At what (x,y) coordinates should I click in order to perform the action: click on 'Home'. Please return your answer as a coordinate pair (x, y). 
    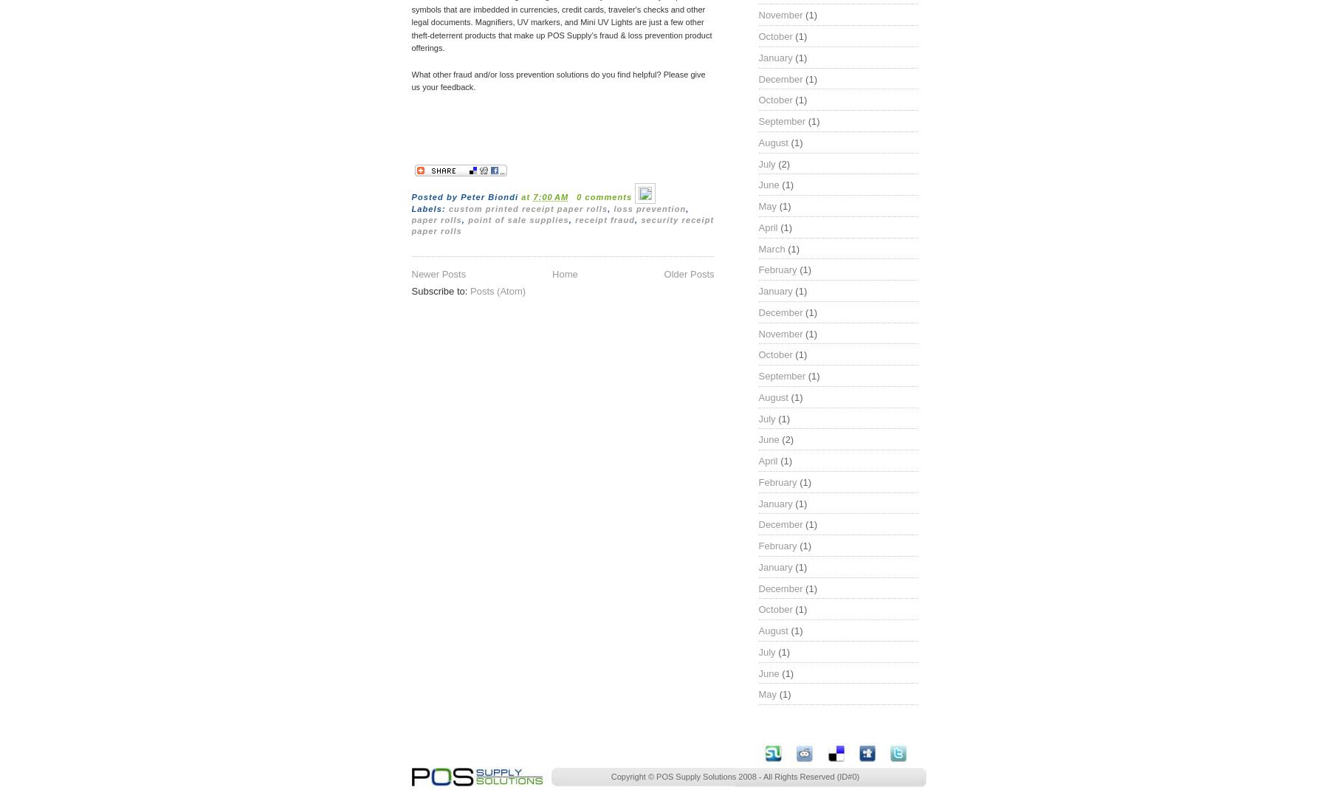
    Looking at the image, I should click on (563, 273).